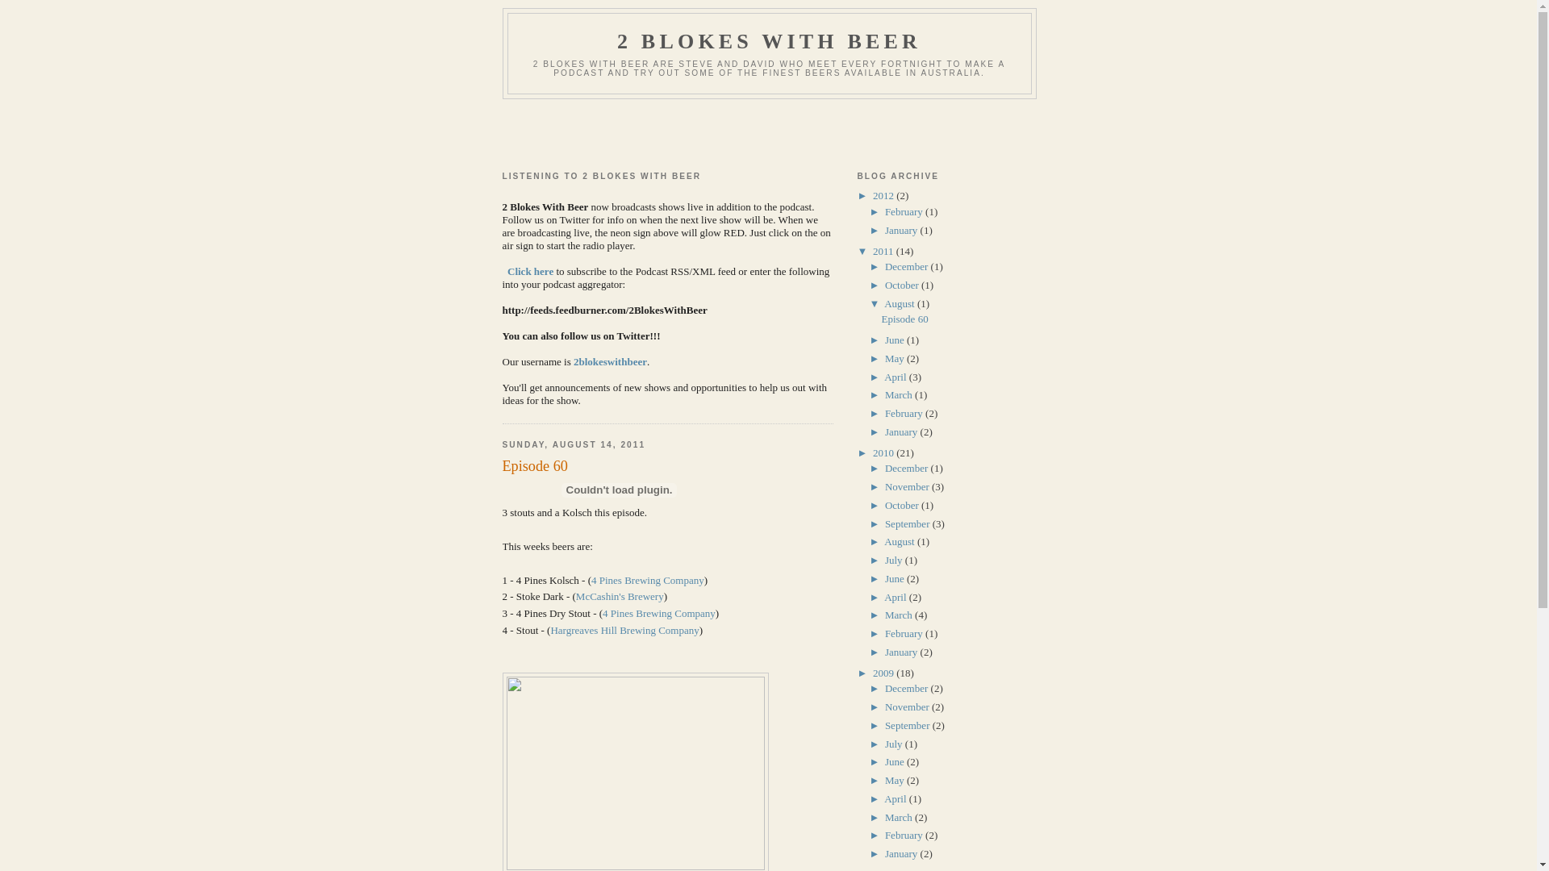 The width and height of the screenshot is (1549, 871). I want to click on '2010', so click(871, 452).